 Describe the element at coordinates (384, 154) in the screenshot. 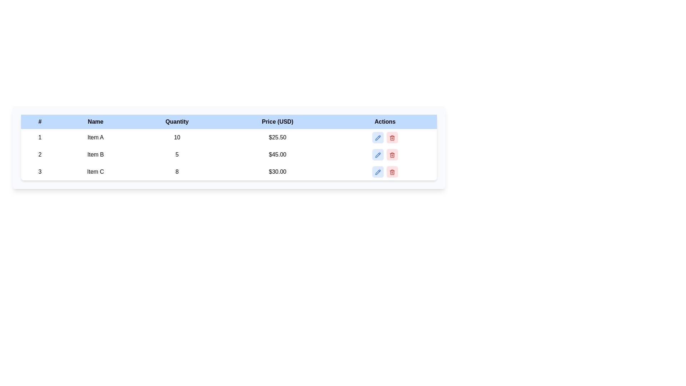

I see `the edit button located in the 'Actions' column of the second row of the table to initiate an edit action` at that location.